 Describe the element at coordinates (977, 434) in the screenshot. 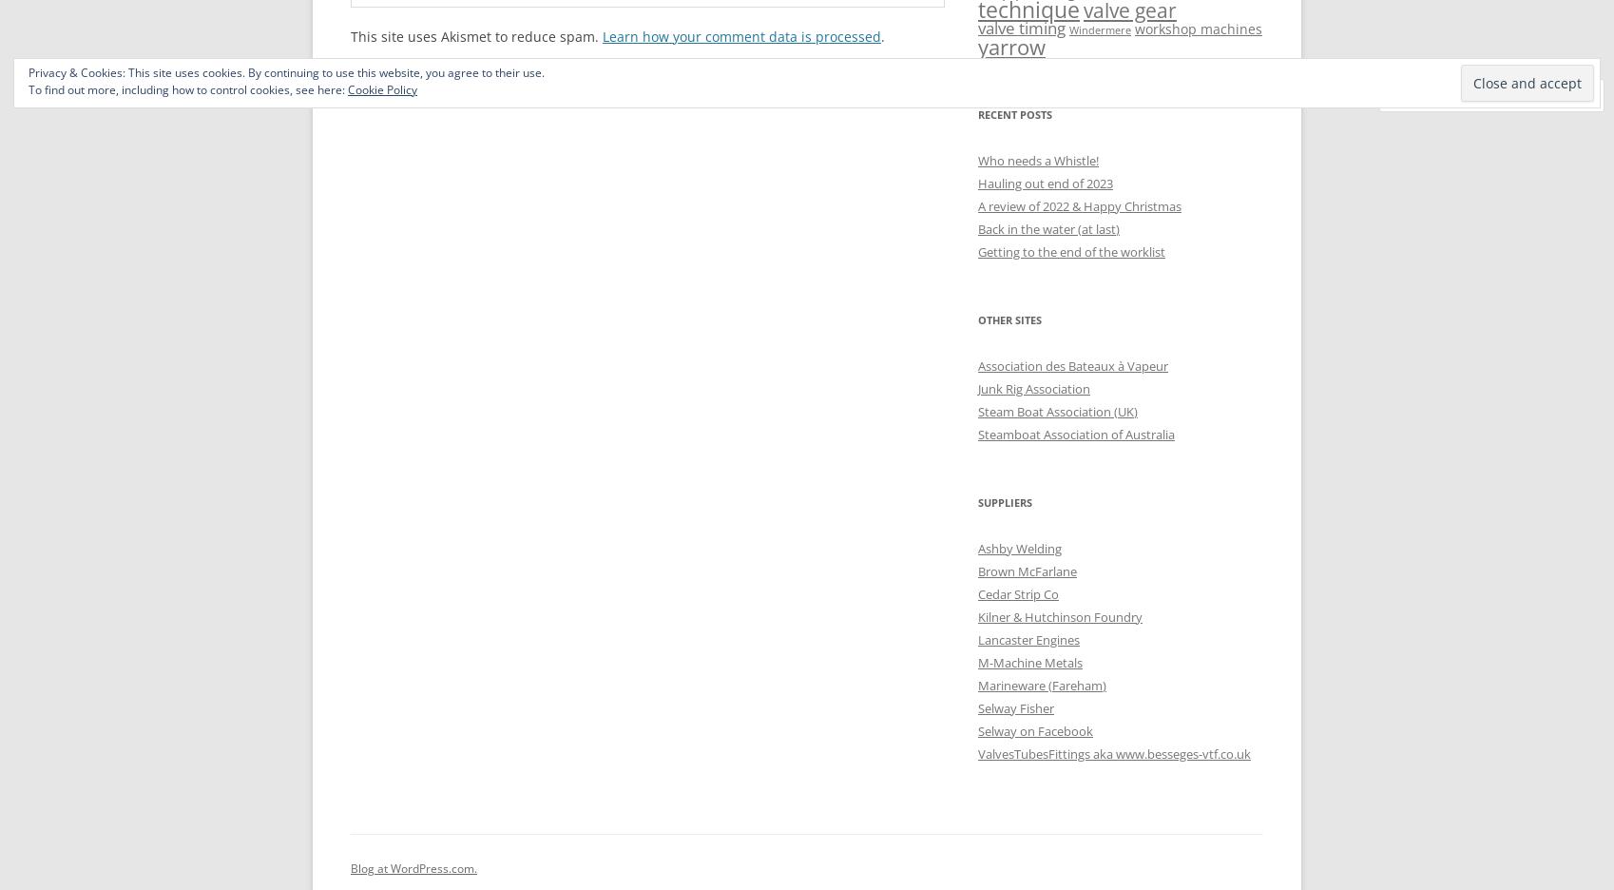

I see `'Steamboat Association of Australia'` at that location.